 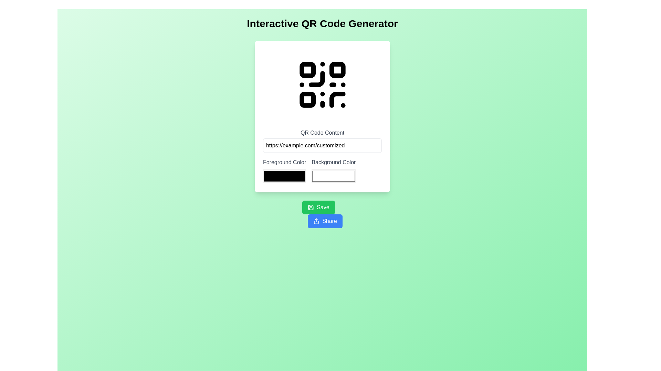 I want to click on the small circular shape that is part of the QR code, located centrally in the application interface, specifically toward the upper-left of the central grid, so click(x=316, y=79).